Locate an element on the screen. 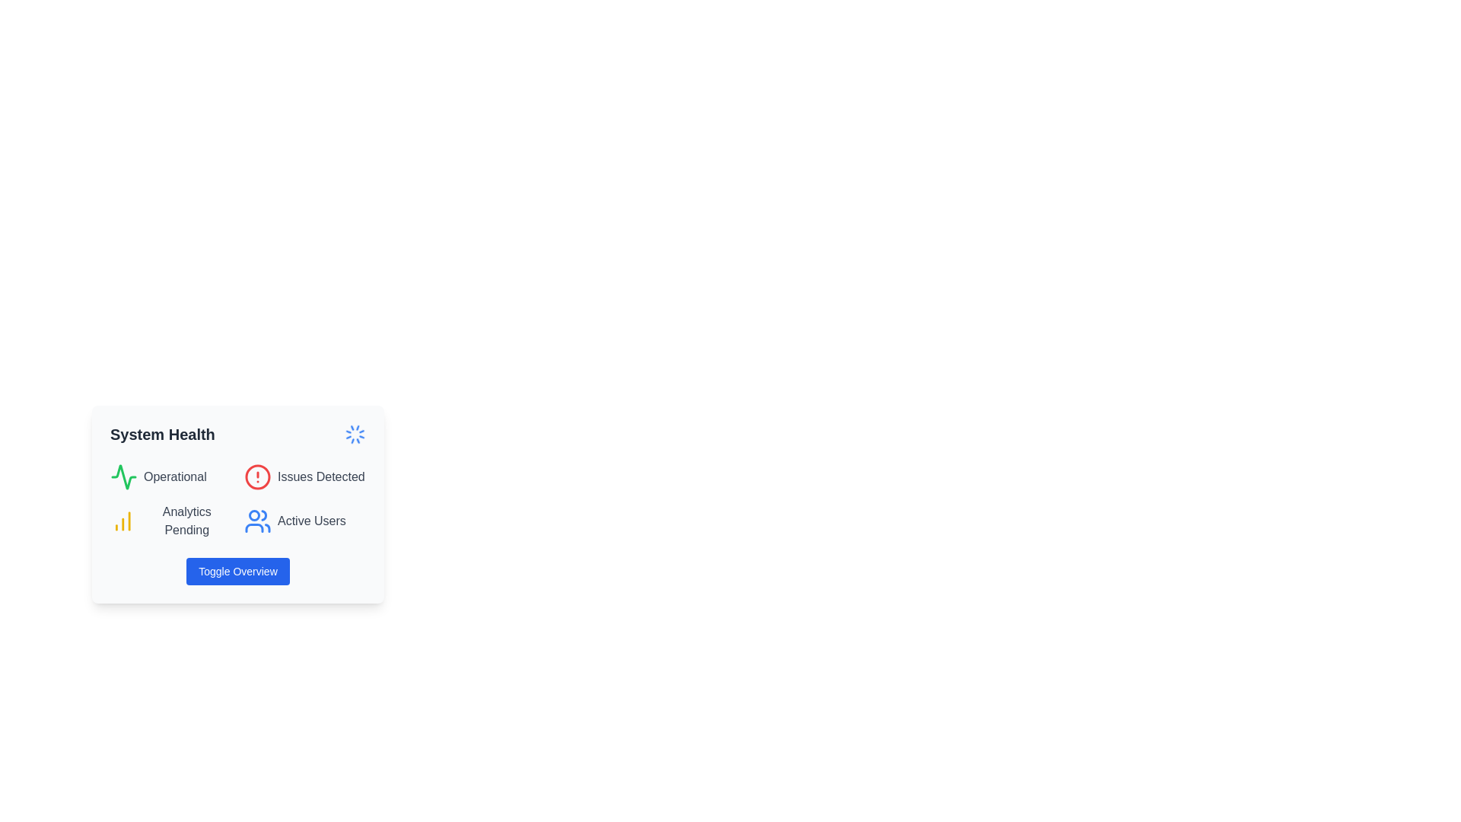 The height and width of the screenshot is (822, 1461). the text label indicating active users in the system, which is positioned below the 'System Health' label and to the right of an icon depicting user silhouettes is located at coordinates (310, 521).